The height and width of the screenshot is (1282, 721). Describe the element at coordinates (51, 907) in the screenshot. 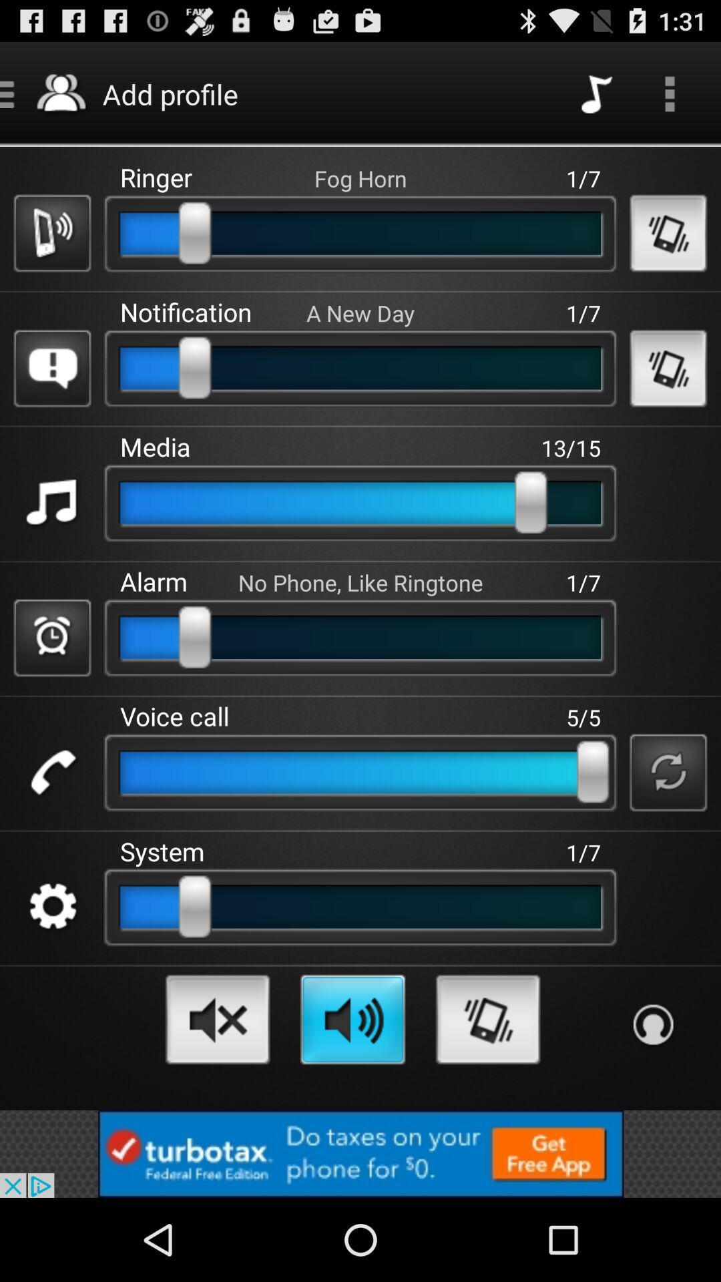

I see `open system menu` at that location.